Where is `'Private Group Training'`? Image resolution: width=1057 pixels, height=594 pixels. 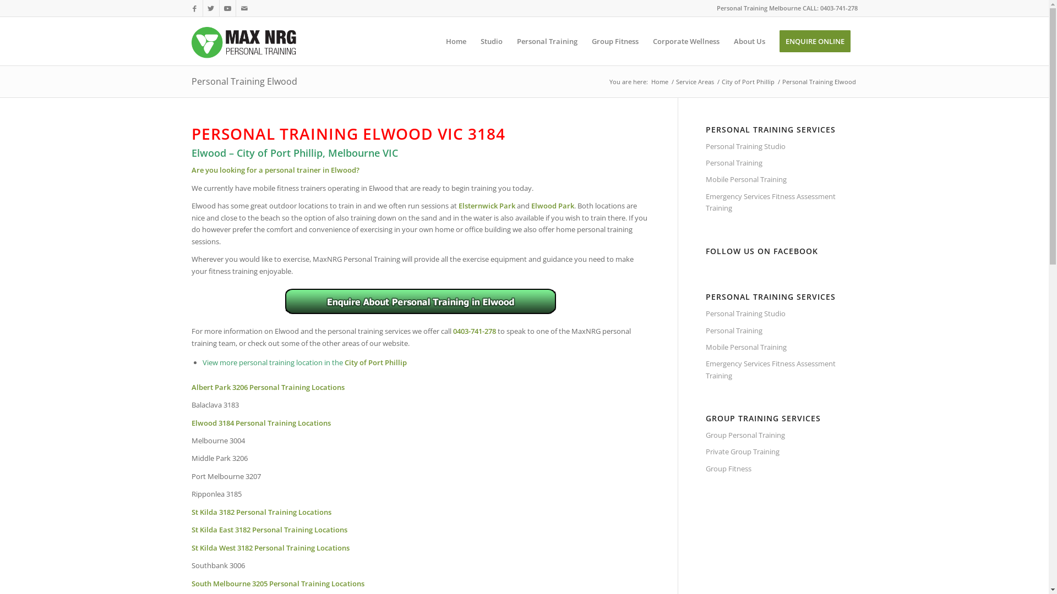 'Private Group Training' is located at coordinates (781, 452).